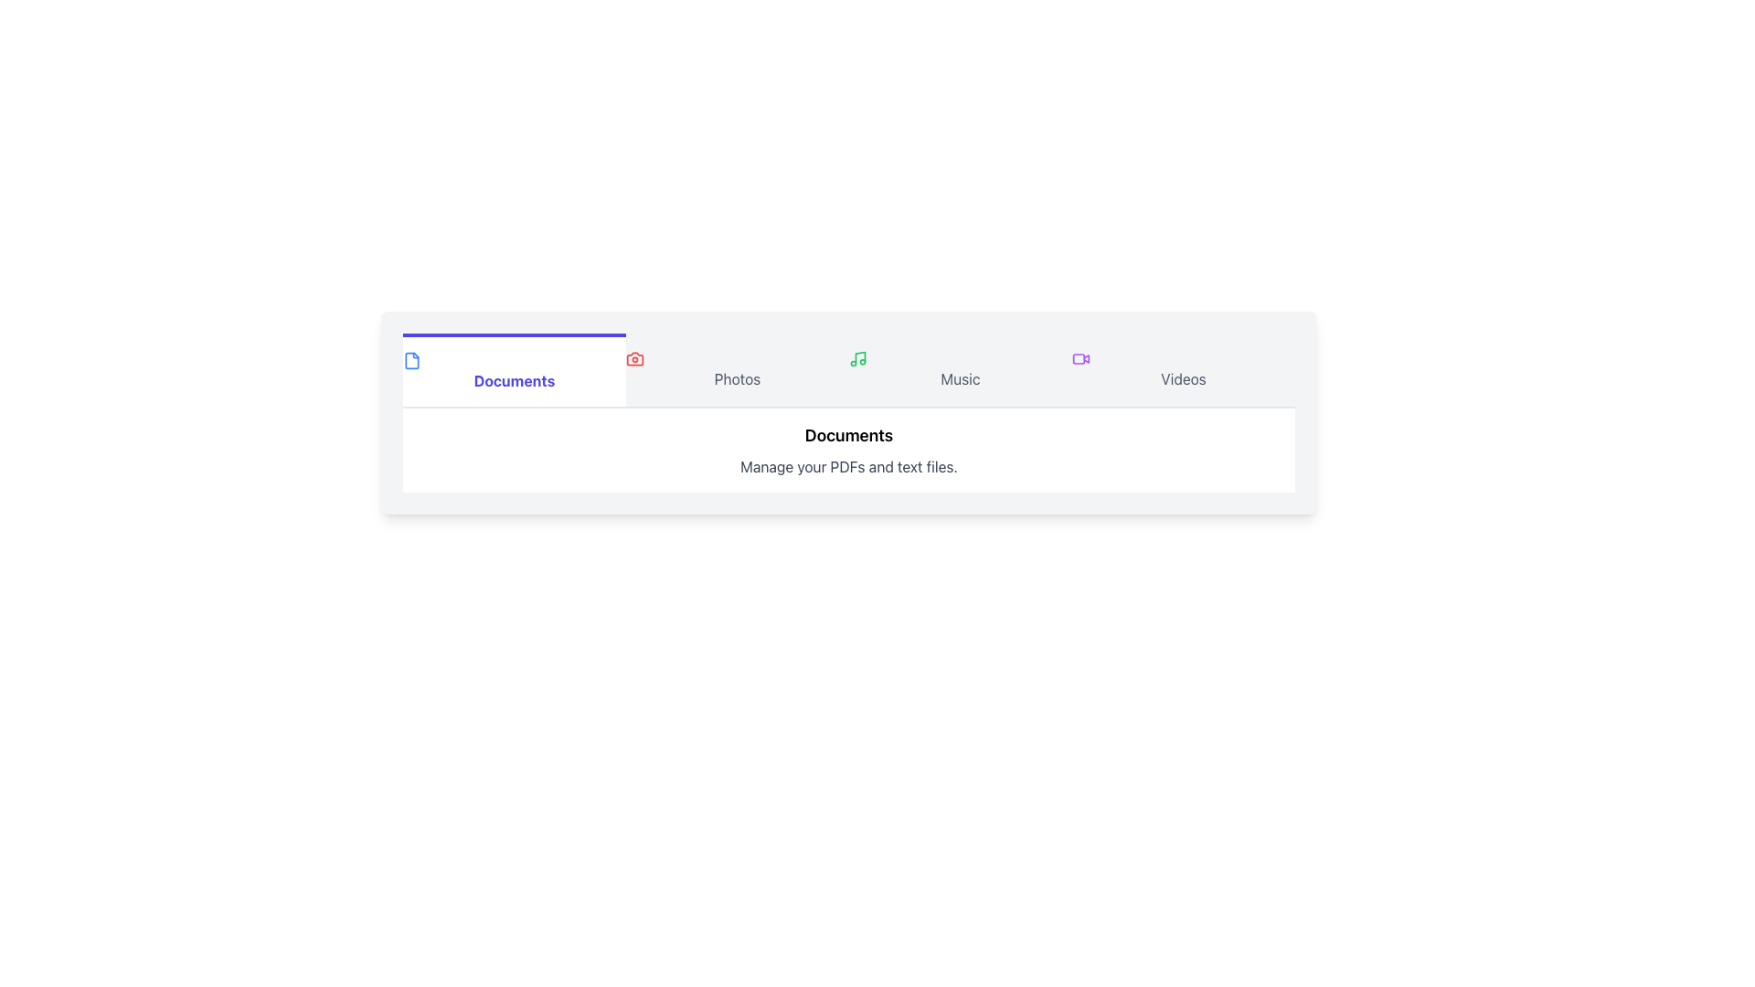 This screenshot has width=1755, height=987. I want to click on the 'Music' text label located in the upper-central portion of the interface, which serves as a category indicator in the navigation bar, so click(960, 378).